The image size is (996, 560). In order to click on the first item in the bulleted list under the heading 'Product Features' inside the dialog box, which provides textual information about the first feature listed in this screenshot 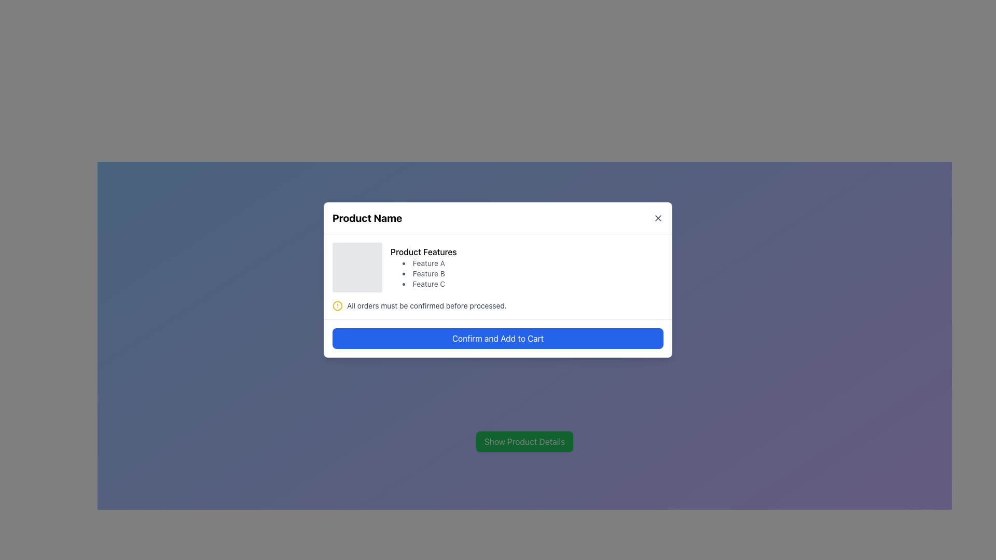, I will do `click(423, 263)`.